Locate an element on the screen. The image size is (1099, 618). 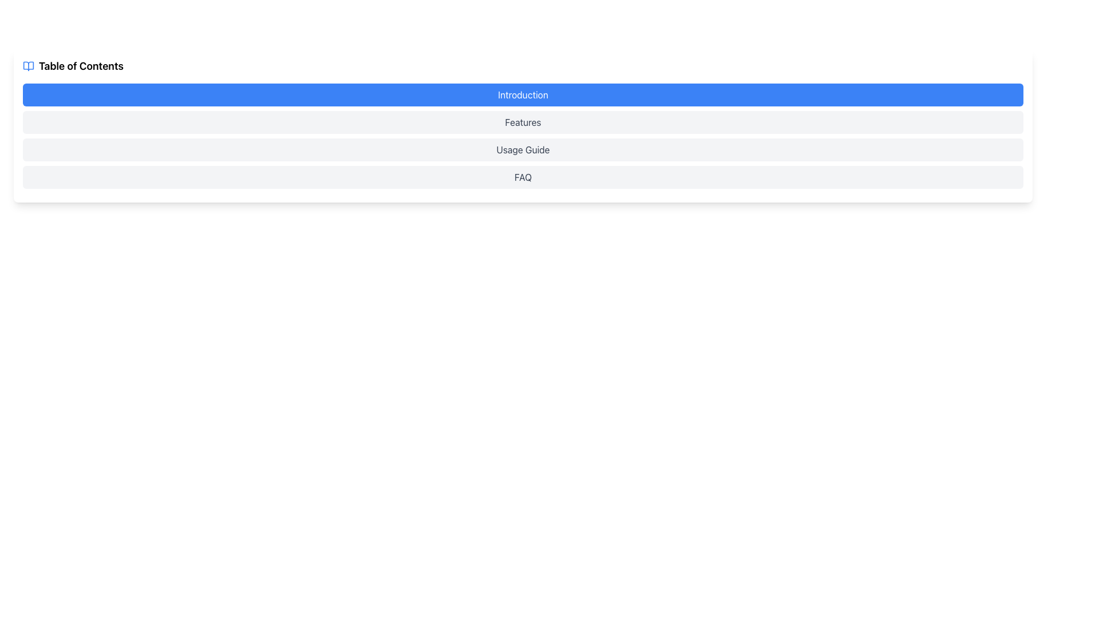
the 'Introduction' Navigation tab, which has a blue background and white text, located at the top of the vertical list of tabs is located at coordinates (522, 94).